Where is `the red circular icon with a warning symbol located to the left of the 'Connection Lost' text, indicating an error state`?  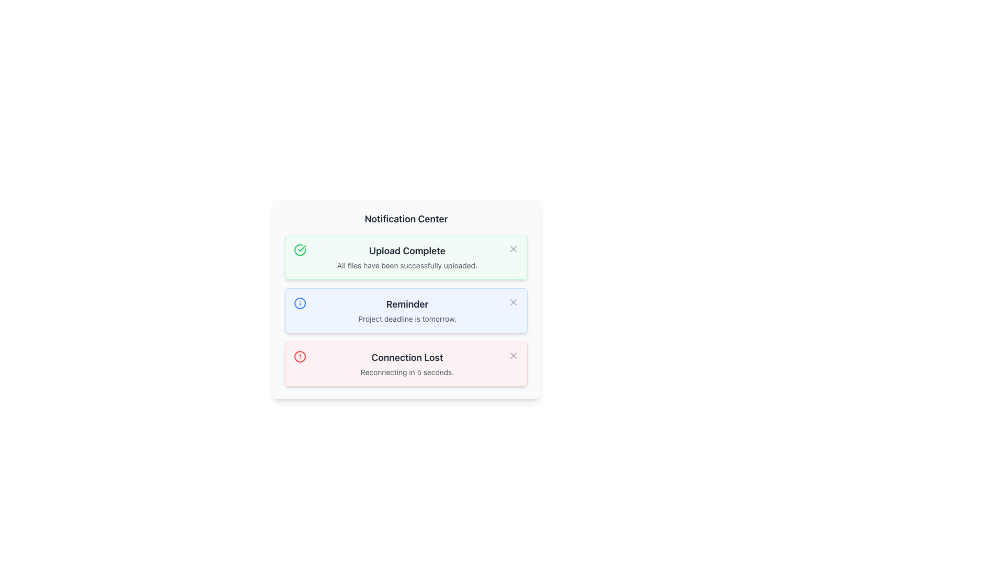 the red circular icon with a warning symbol located to the left of the 'Connection Lost' text, indicating an error state is located at coordinates (300, 356).